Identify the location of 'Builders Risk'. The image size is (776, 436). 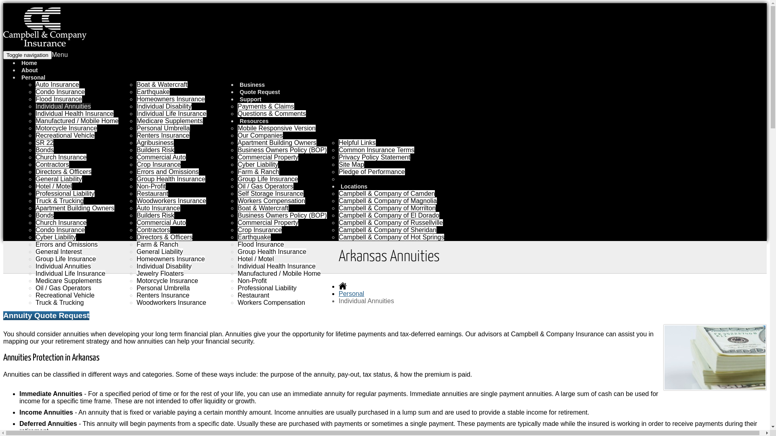
(155, 150).